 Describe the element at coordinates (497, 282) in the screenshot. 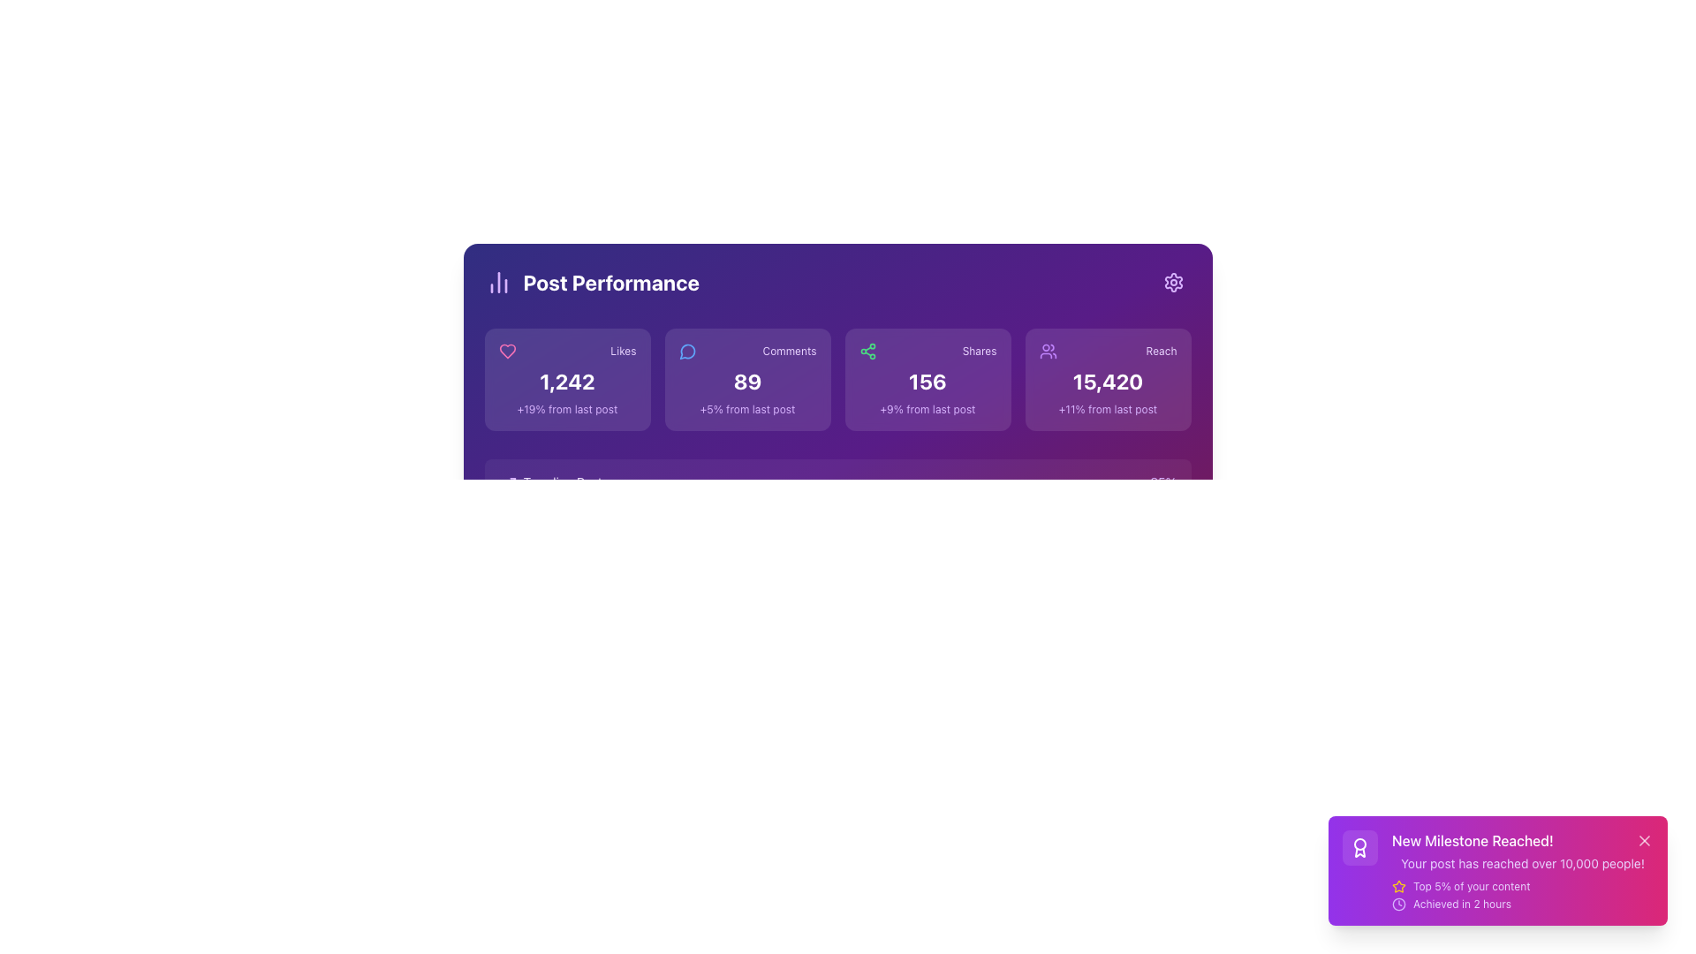

I see `the icon representing performance metrics in the 'Post Performance' section` at that location.